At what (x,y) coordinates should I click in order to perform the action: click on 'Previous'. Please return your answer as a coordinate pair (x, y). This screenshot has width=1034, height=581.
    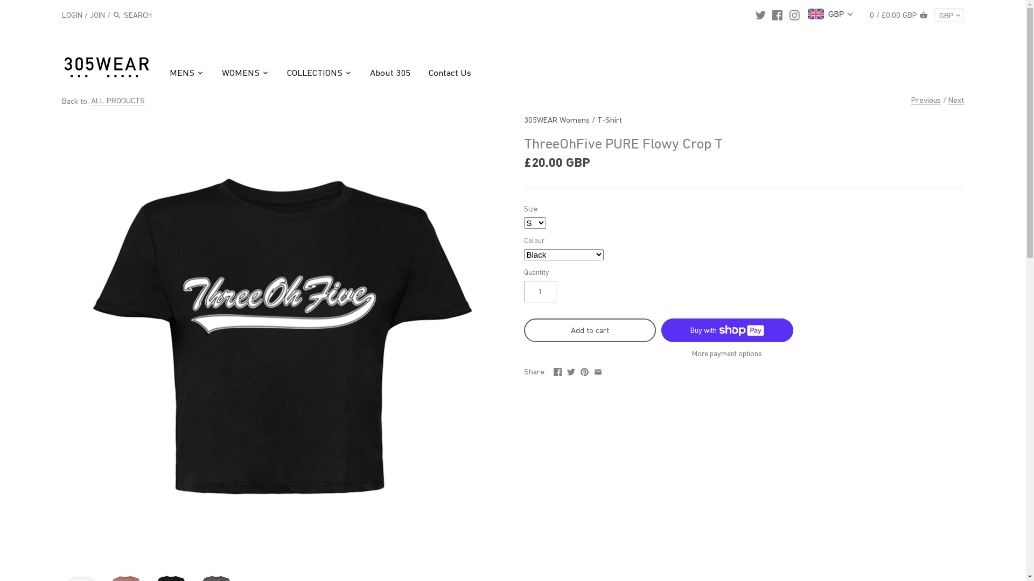
    Looking at the image, I should click on (925, 100).